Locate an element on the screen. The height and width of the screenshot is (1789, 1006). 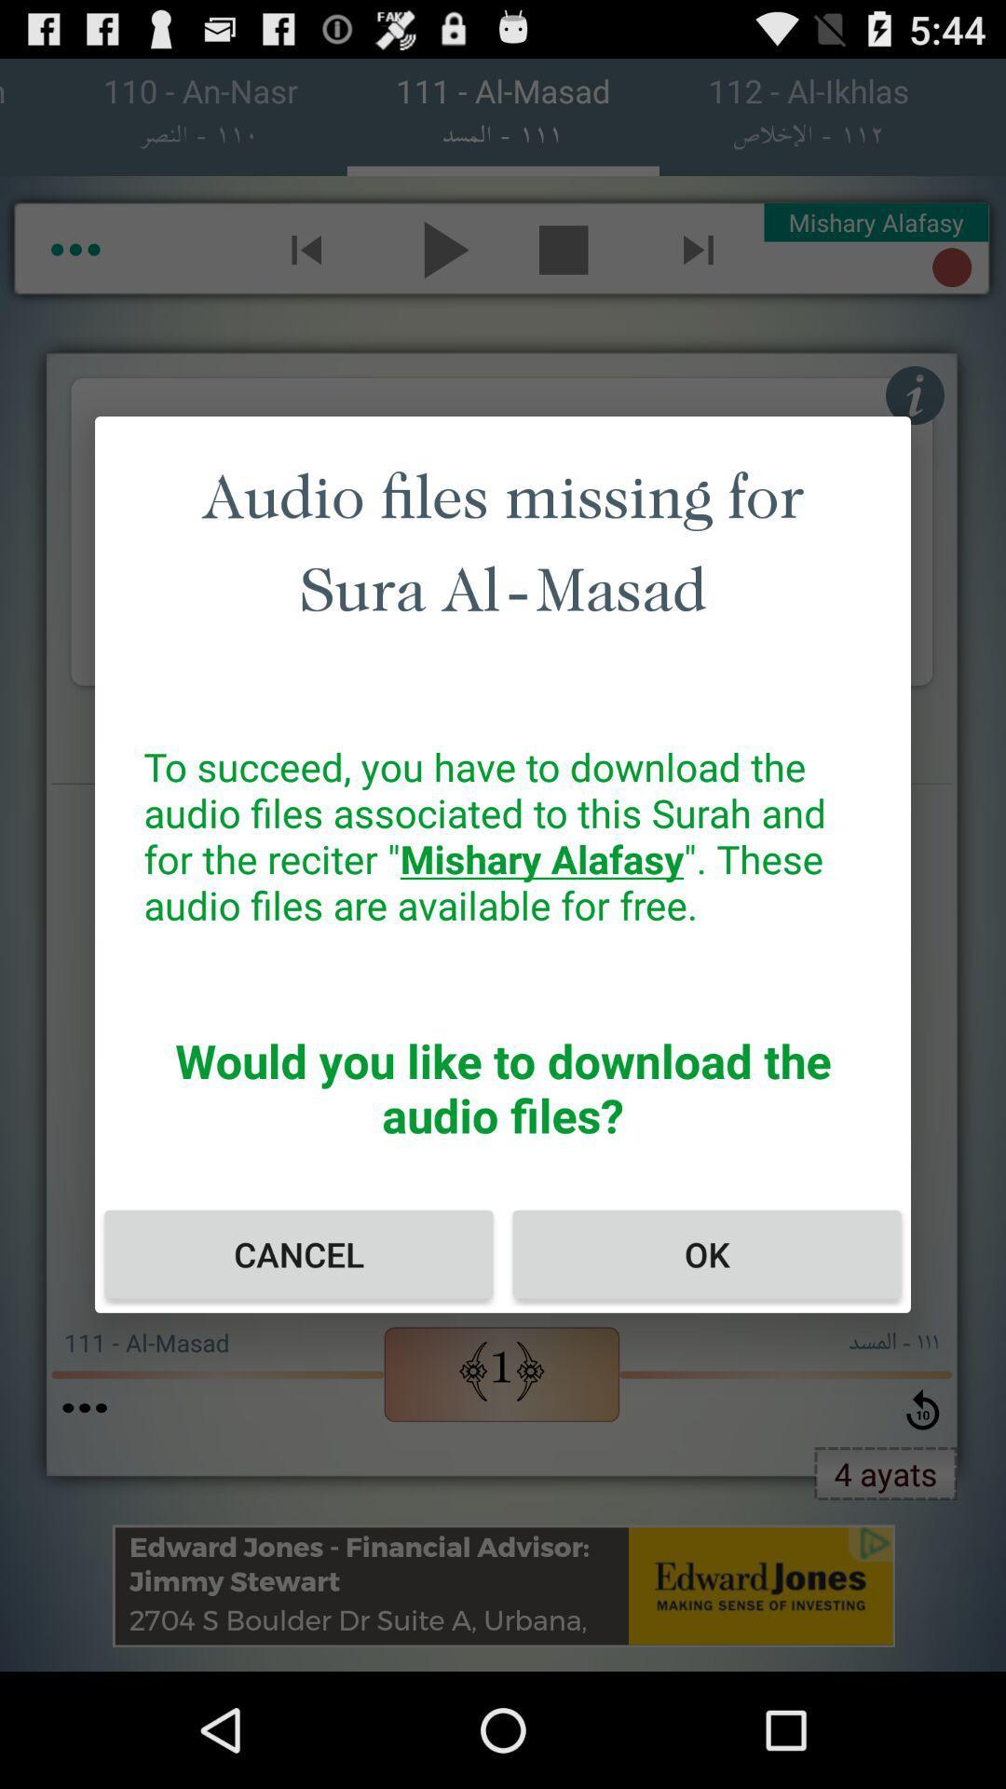
ok icon is located at coordinates (707, 1254).